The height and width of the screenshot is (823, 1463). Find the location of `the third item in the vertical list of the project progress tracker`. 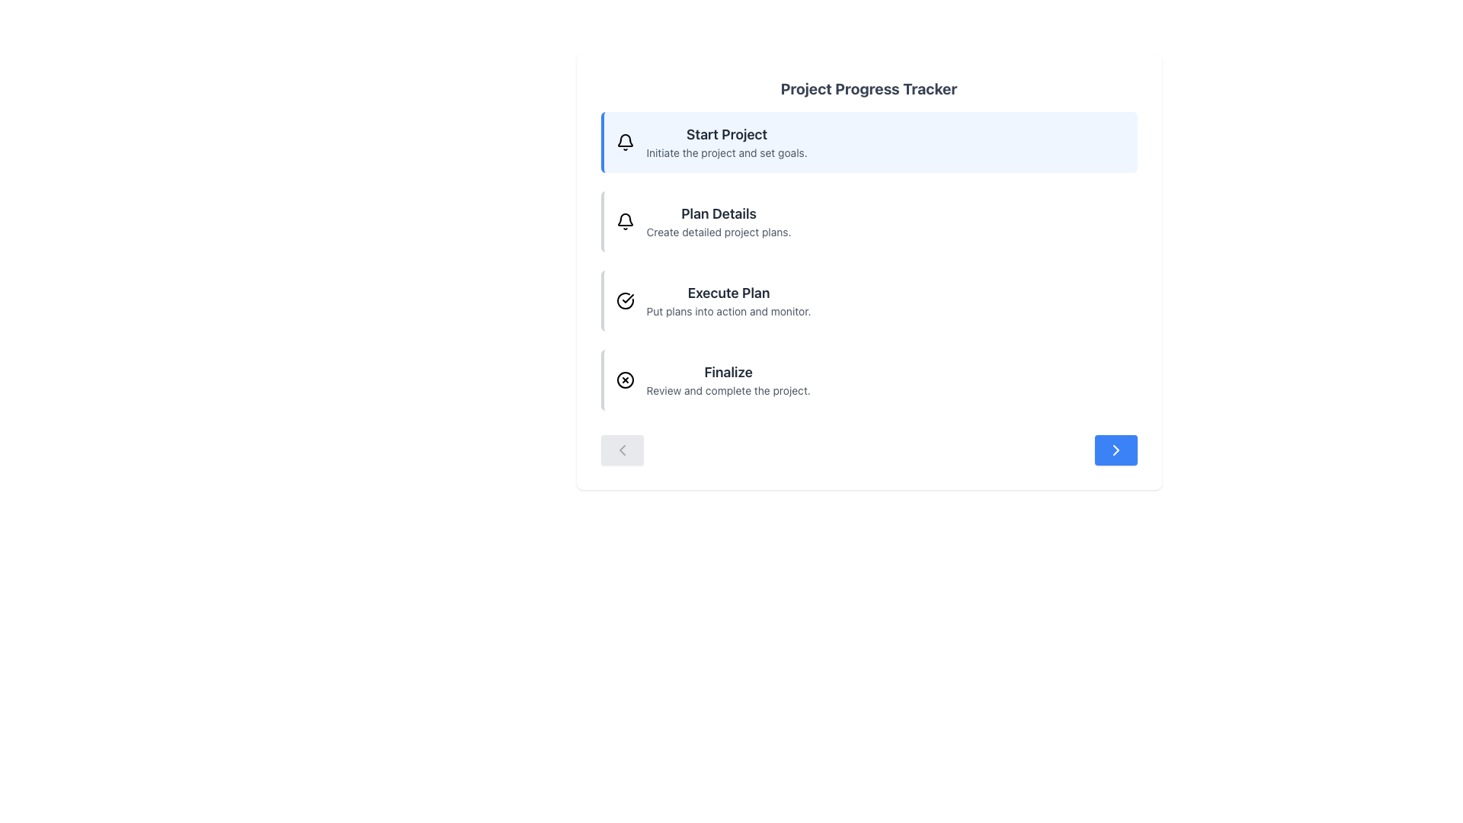

the third item in the vertical list of the project progress tracker is located at coordinates (869, 300).